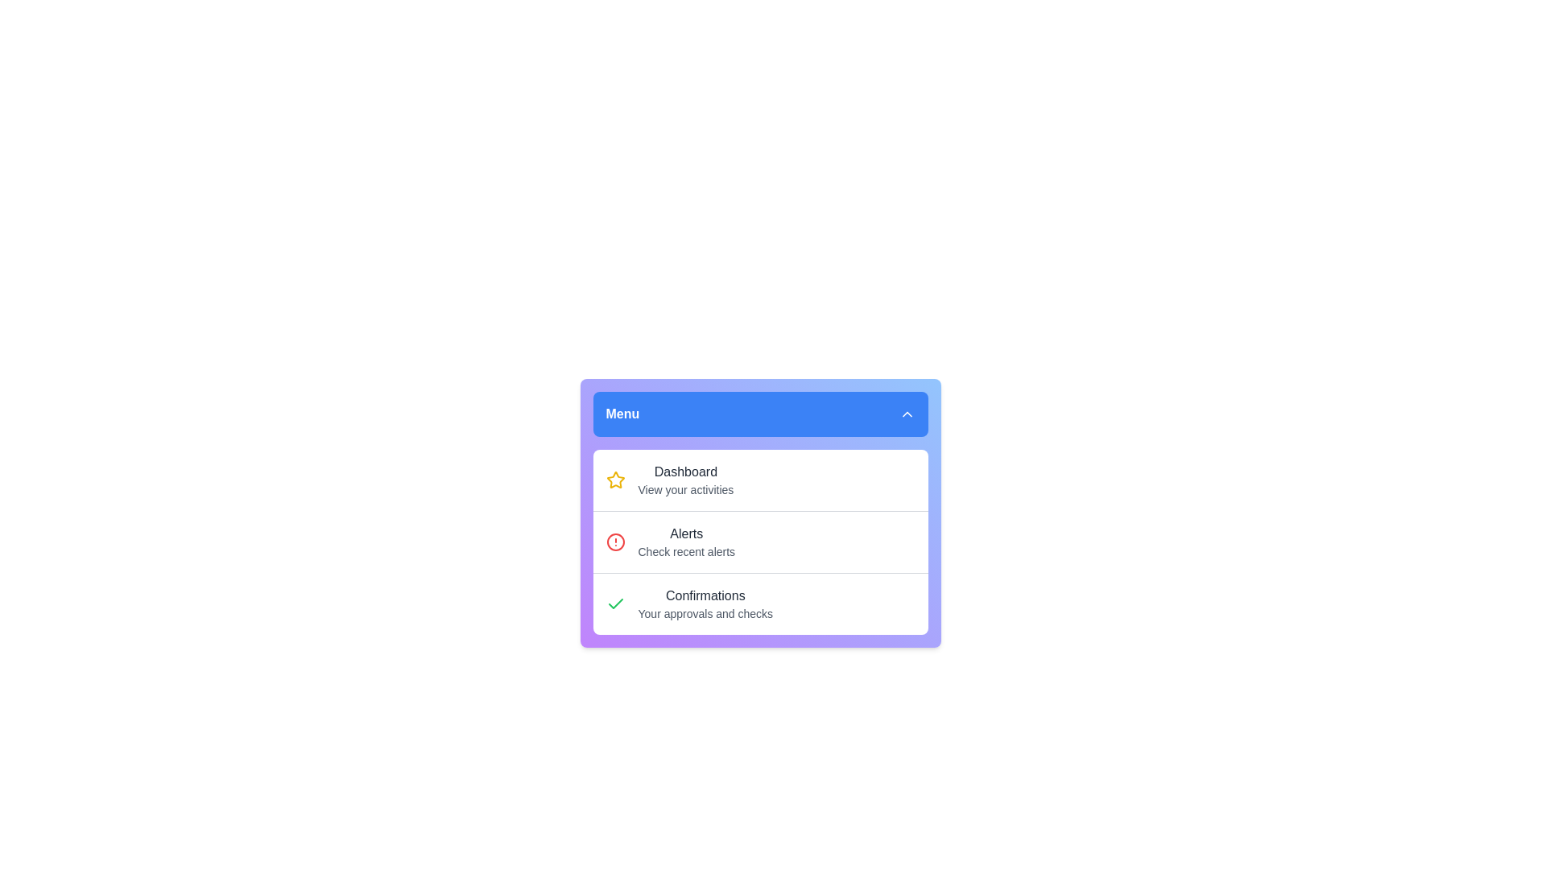  Describe the element at coordinates (907, 414) in the screenshot. I see `the upwards-pointing chevron icon located at the top-right corner of the blue header section labeled 'Menu'` at that location.